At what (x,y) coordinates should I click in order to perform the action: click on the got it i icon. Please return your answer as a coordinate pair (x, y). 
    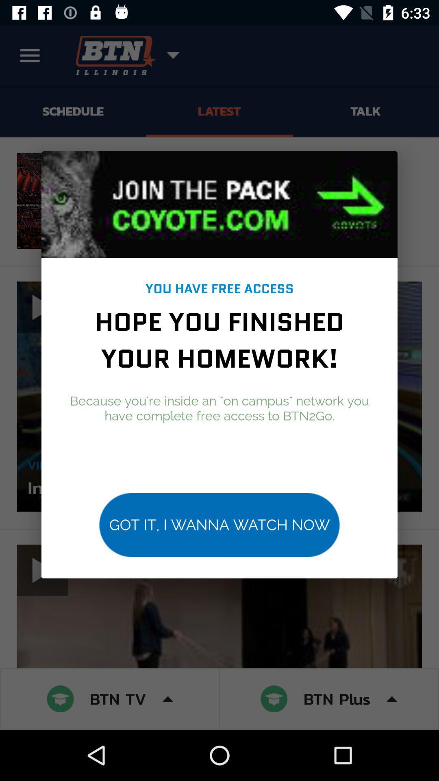
    Looking at the image, I should click on (219, 525).